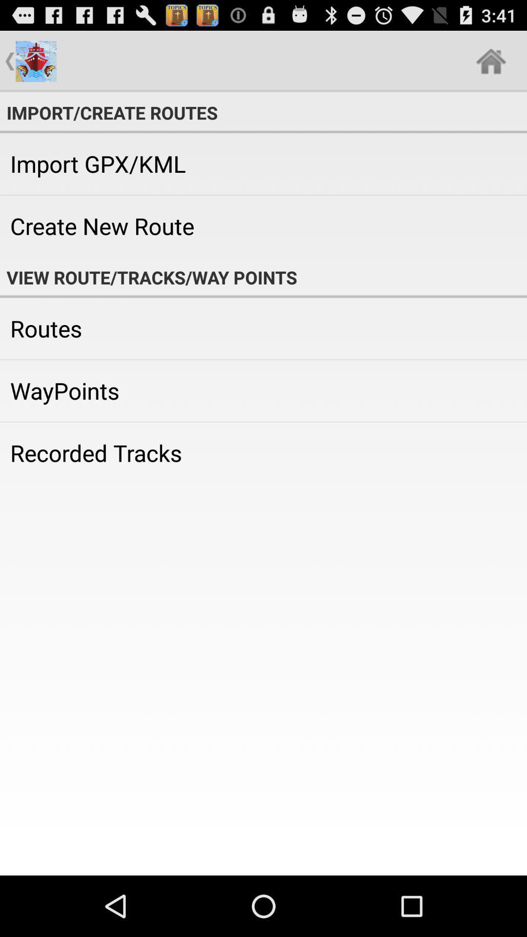 This screenshot has height=937, width=527. What do you see at coordinates (263, 452) in the screenshot?
I see `the app below waypoints` at bounding box center [263, 452].